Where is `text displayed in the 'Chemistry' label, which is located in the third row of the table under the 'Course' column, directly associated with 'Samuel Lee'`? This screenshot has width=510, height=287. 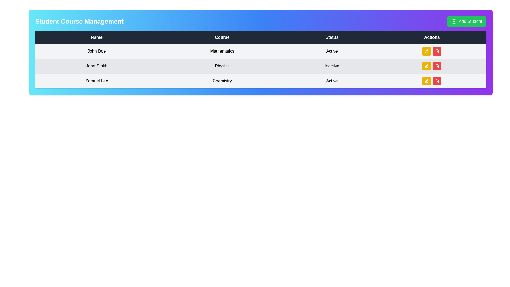
text displayed in the 'Chemistry' label, which is located in the third row of the table under the 'Course' column, directly associated with 'Samuel Lee' is located at coordinates (222, 81).